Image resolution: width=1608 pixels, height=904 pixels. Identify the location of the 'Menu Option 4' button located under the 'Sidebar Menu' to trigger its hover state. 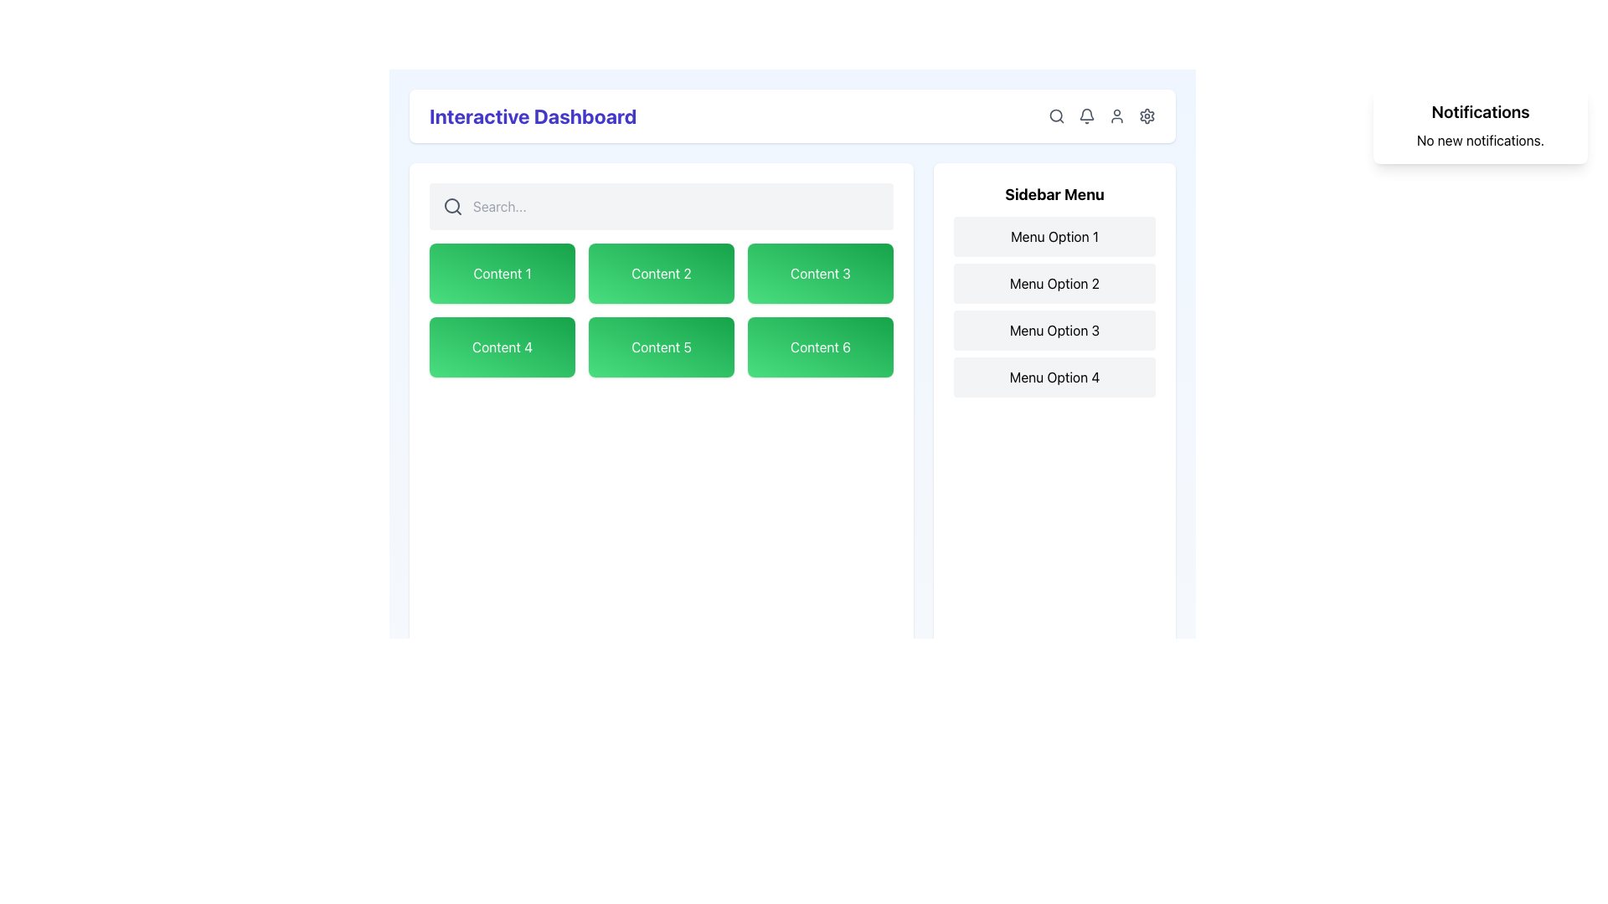
(1054, 378).